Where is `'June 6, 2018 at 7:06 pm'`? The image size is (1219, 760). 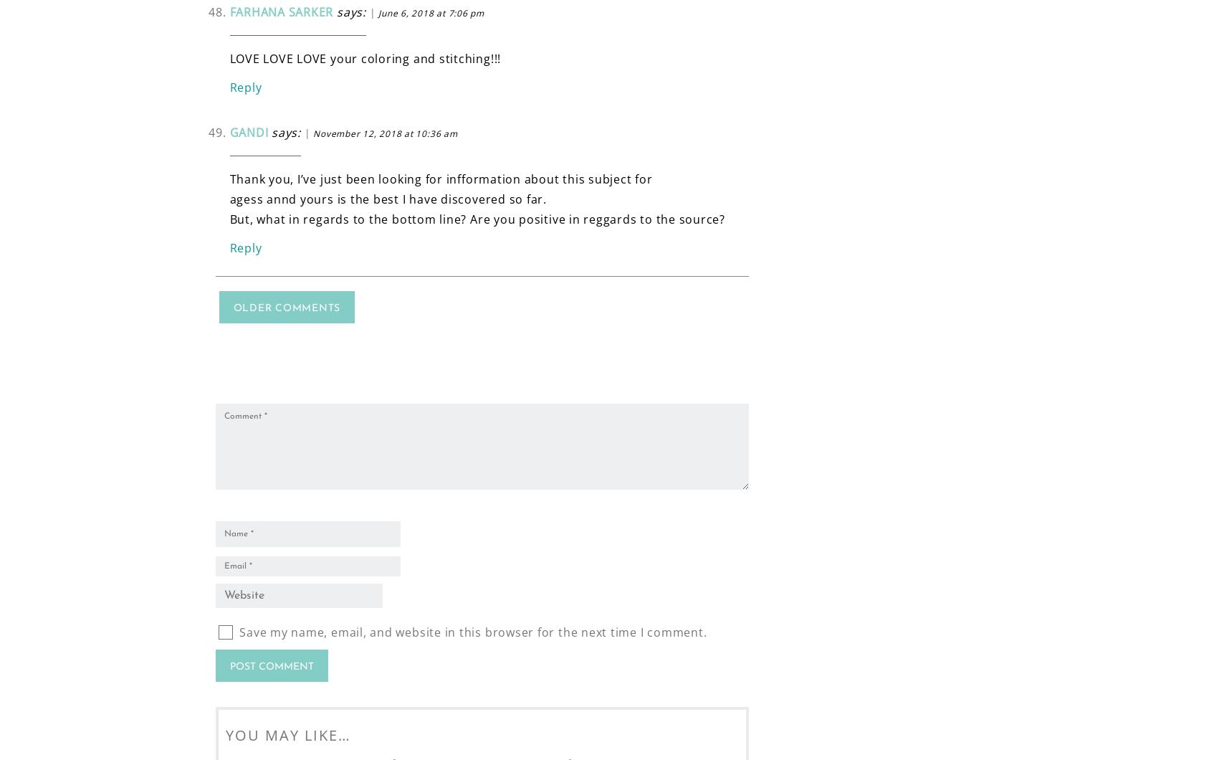 'June 6, 2018 at 7:06 pm' is located at coordinates (431, 12).